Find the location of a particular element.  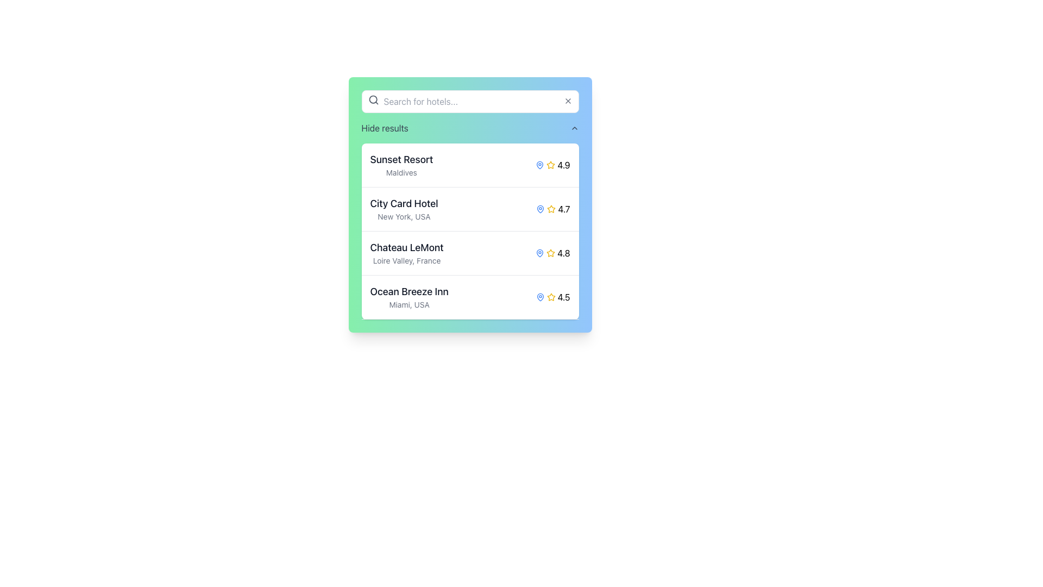

the 'Sunset Resort' list item displaying its name, location, and rating is located at coordinates (470, 165).